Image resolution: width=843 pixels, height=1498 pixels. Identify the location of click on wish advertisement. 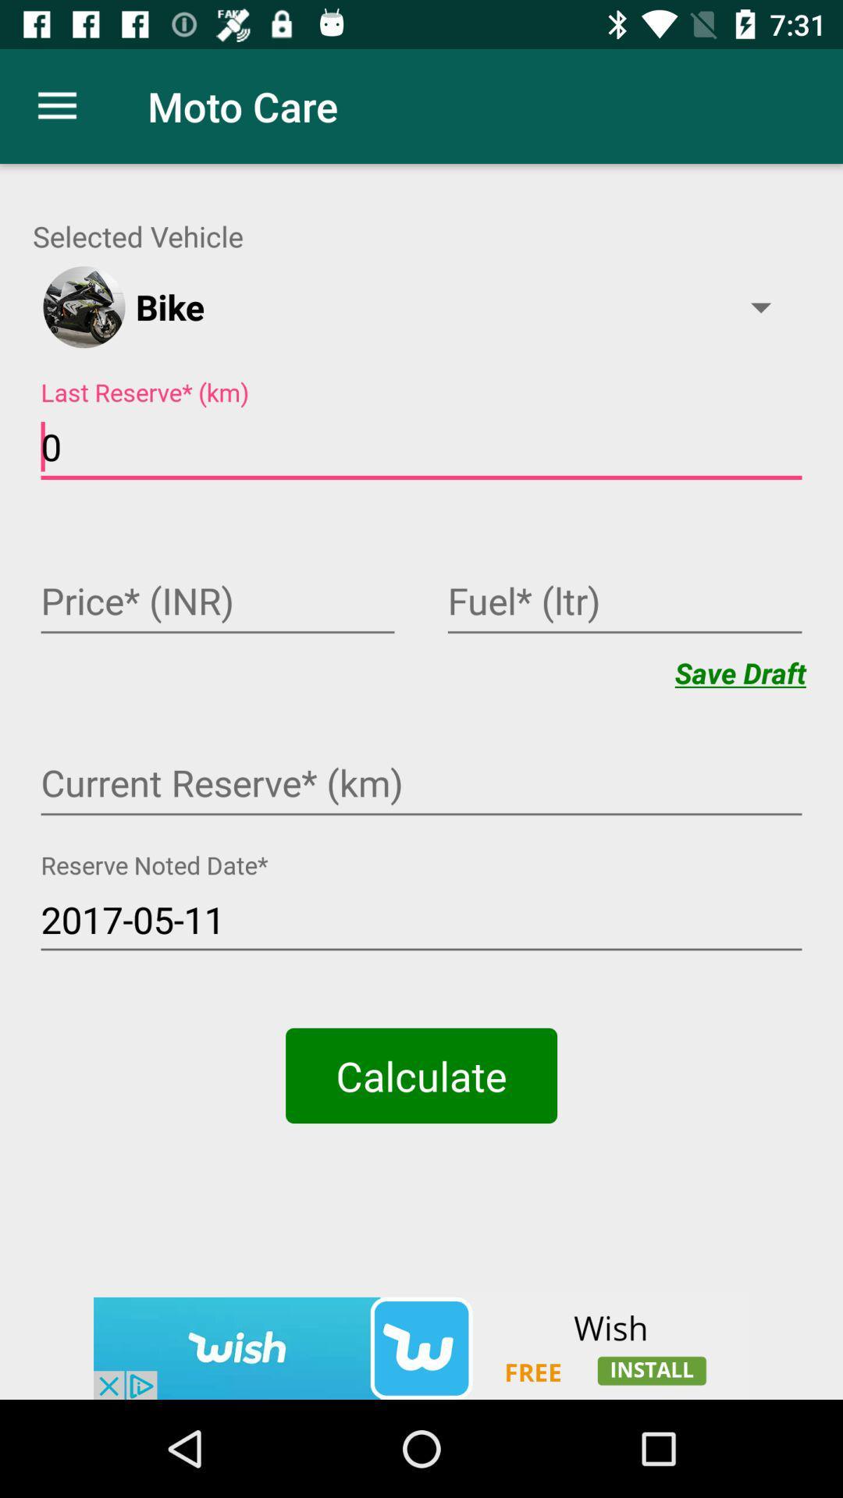
(421, 1347).